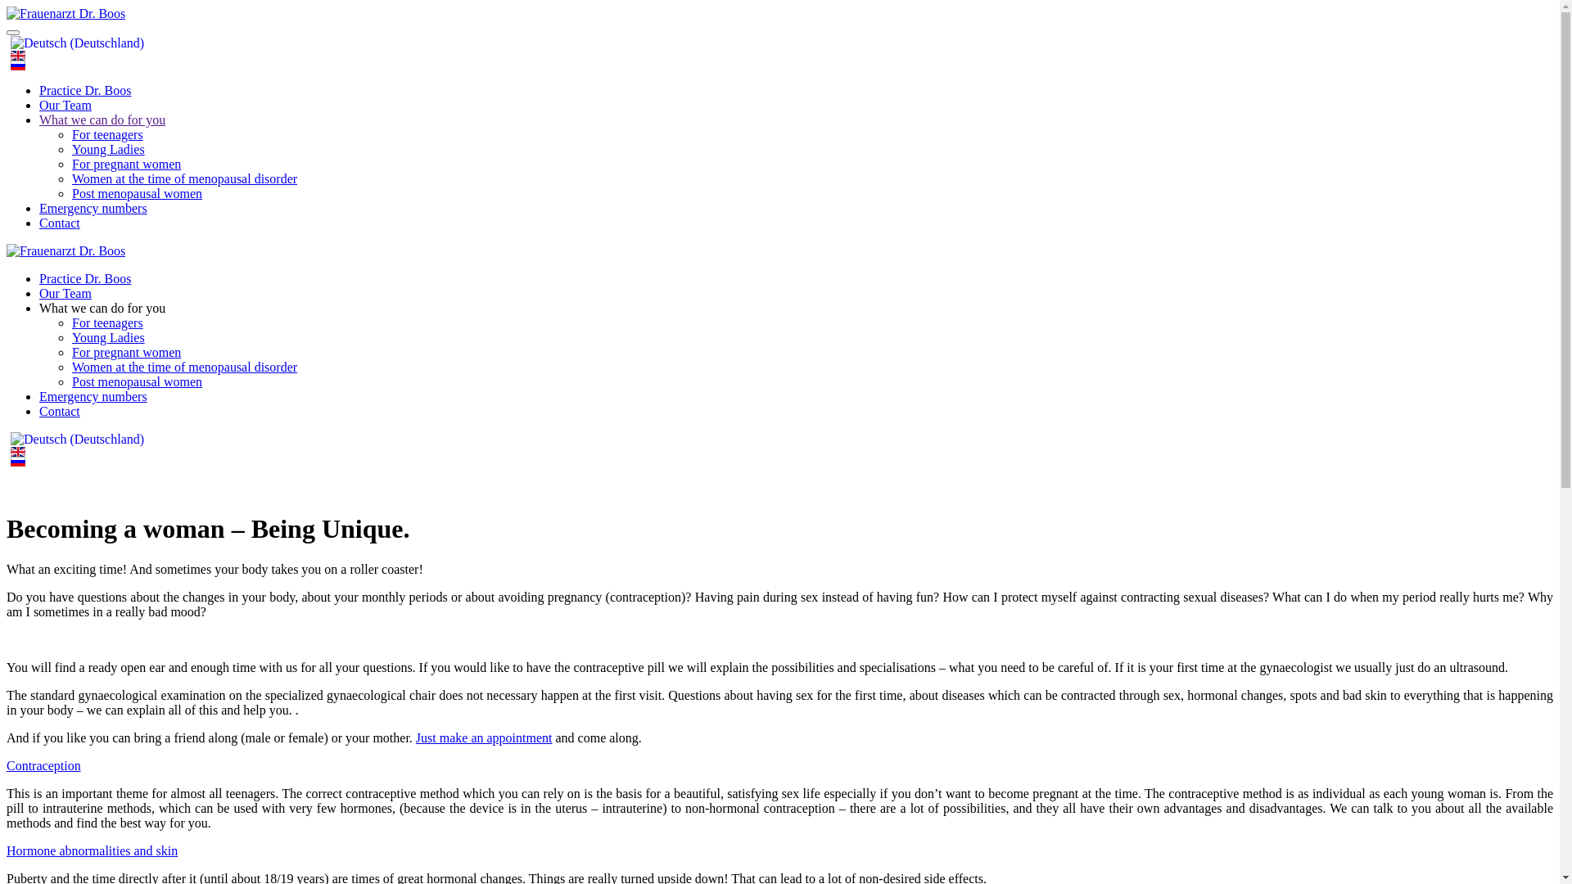 Image resolution: width=1572 pixels, height=884 pixels. I want to click on 'Our Team', so click(39, 292).